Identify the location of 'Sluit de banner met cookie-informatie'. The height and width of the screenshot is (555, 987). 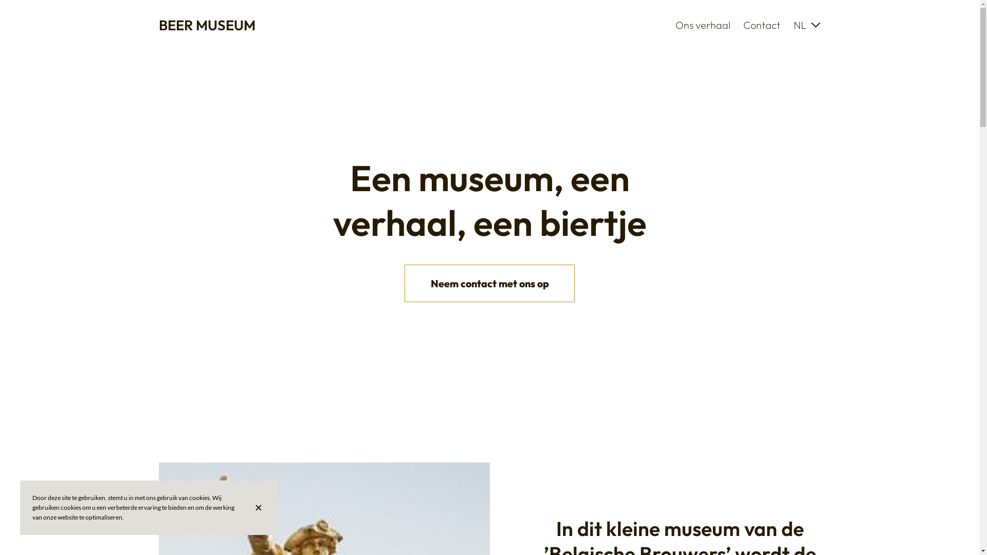
(260, 507).